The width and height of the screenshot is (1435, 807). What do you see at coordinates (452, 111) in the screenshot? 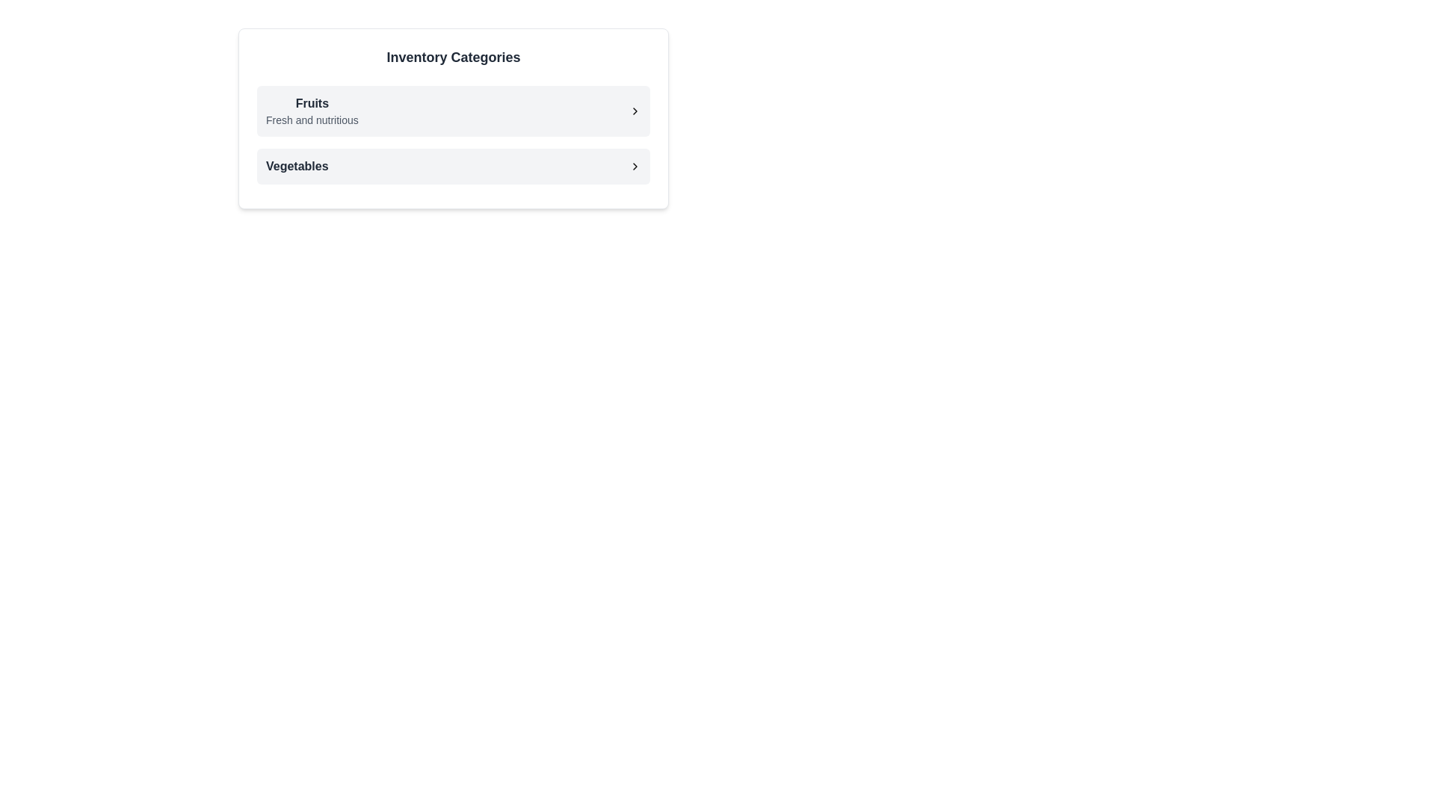
I see `the selectable list item representing the category 'Fruits'` at bounding box center [452, 111].